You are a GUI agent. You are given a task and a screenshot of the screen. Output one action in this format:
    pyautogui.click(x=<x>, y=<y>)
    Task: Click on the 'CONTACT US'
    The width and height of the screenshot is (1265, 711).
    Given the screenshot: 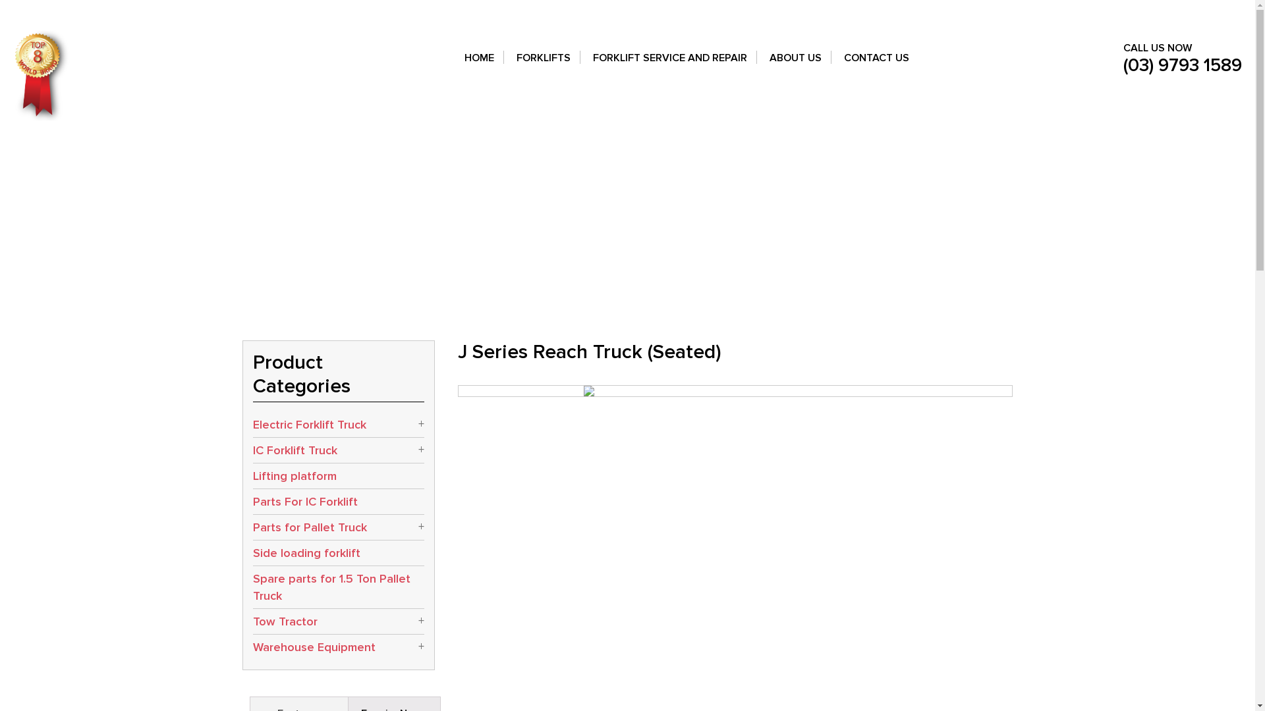 What is the action you would take?
    pyautogui.click(x=876, y=66)
    